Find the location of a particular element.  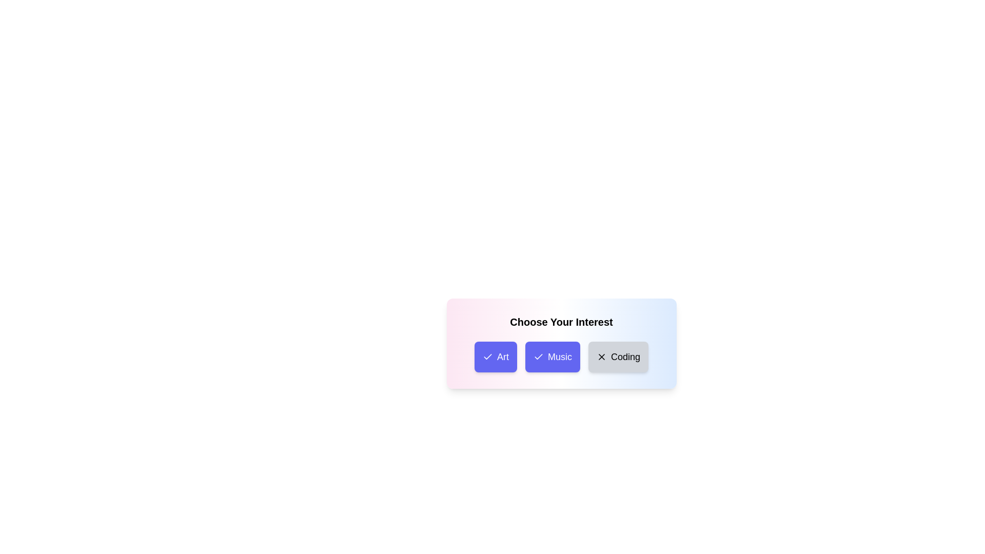

the category button labeled Art to observe the hover effect is located at coordinates (495, 356).